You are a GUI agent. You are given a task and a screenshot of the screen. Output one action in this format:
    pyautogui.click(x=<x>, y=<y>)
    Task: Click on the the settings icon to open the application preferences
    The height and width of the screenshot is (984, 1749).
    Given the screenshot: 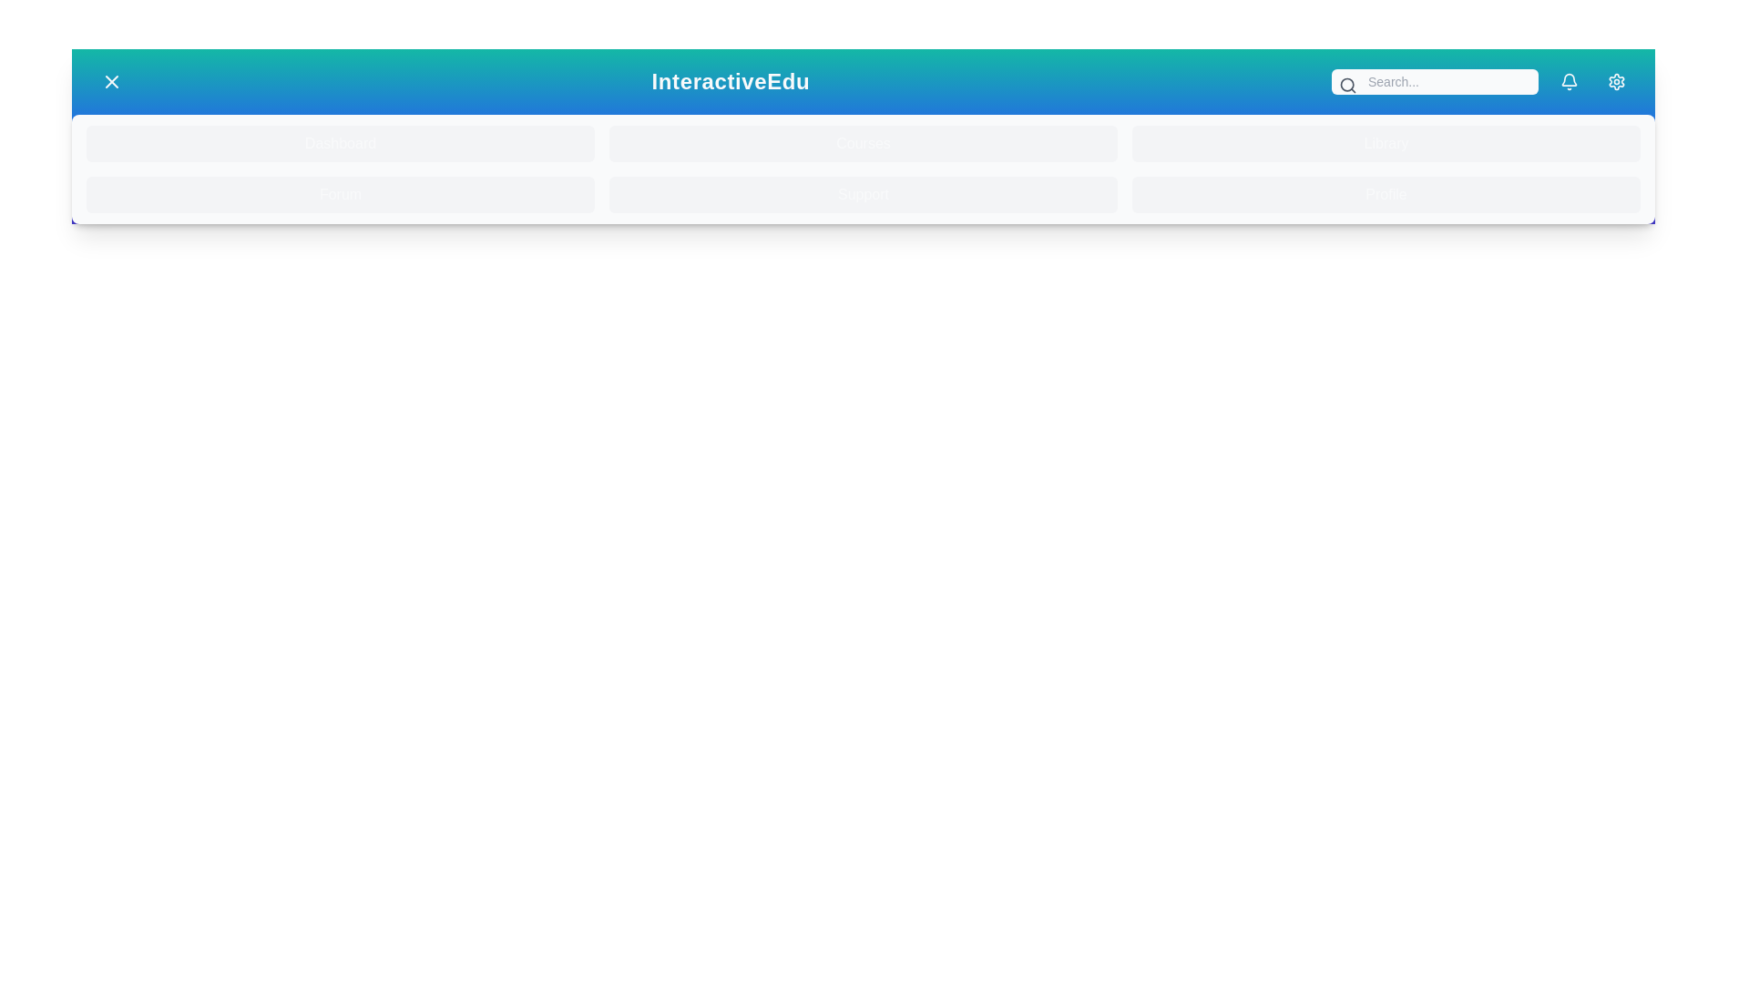 What is the action you would take?
    pyautogui.click(x=1617, y=80)
    